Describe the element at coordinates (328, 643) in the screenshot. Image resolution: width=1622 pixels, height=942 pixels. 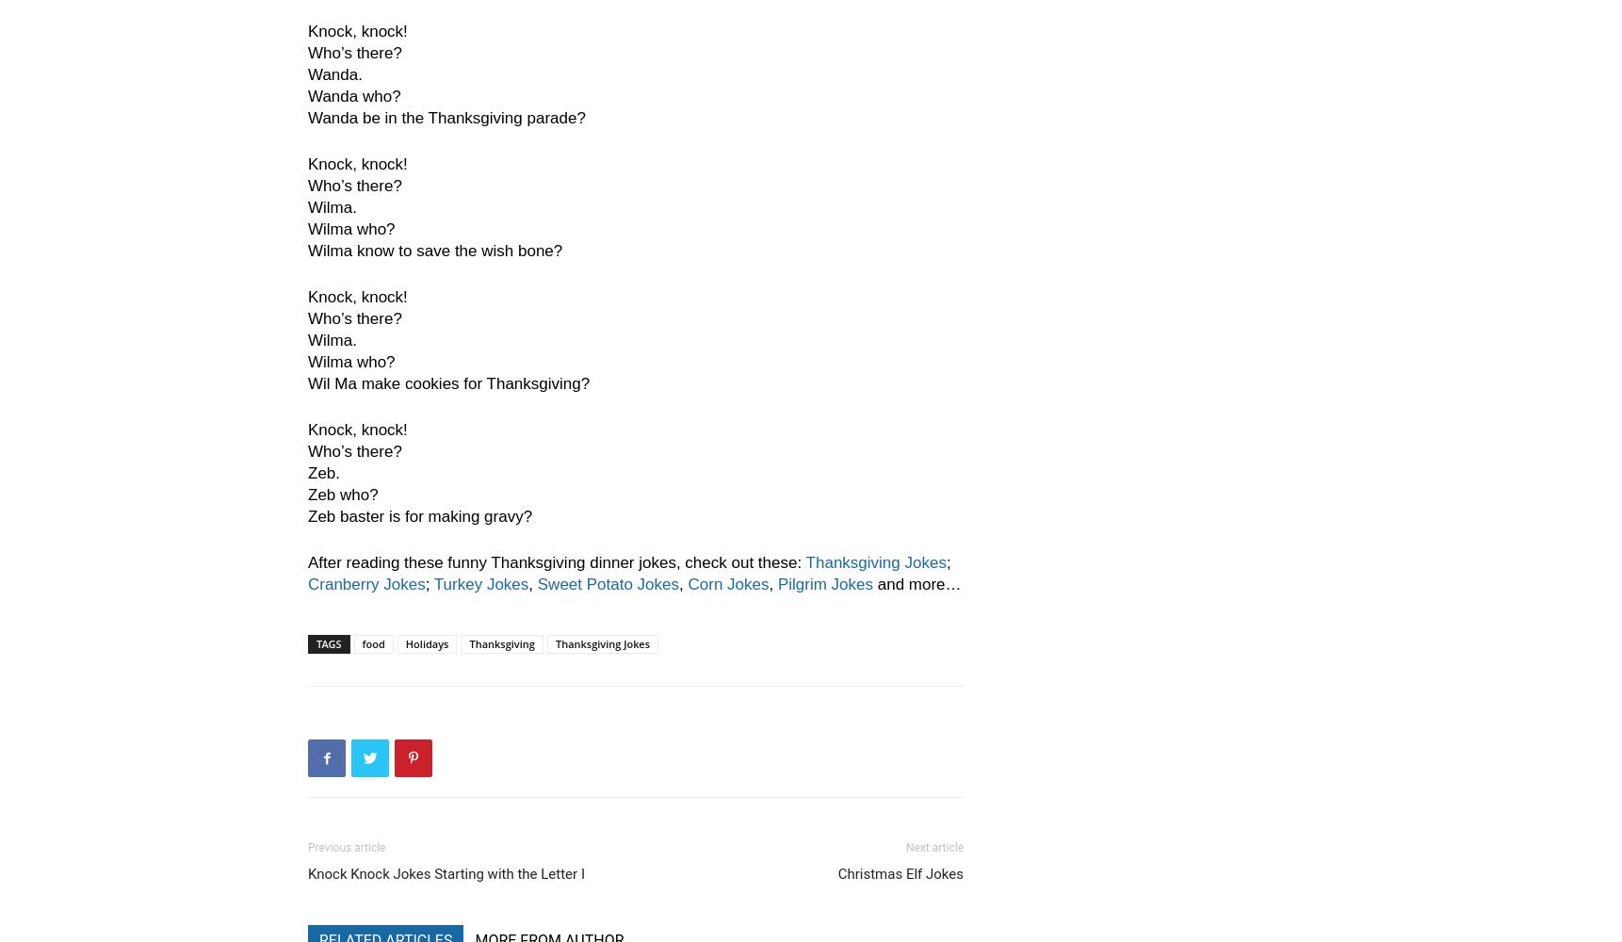
I see `'TAGS'` at that location.